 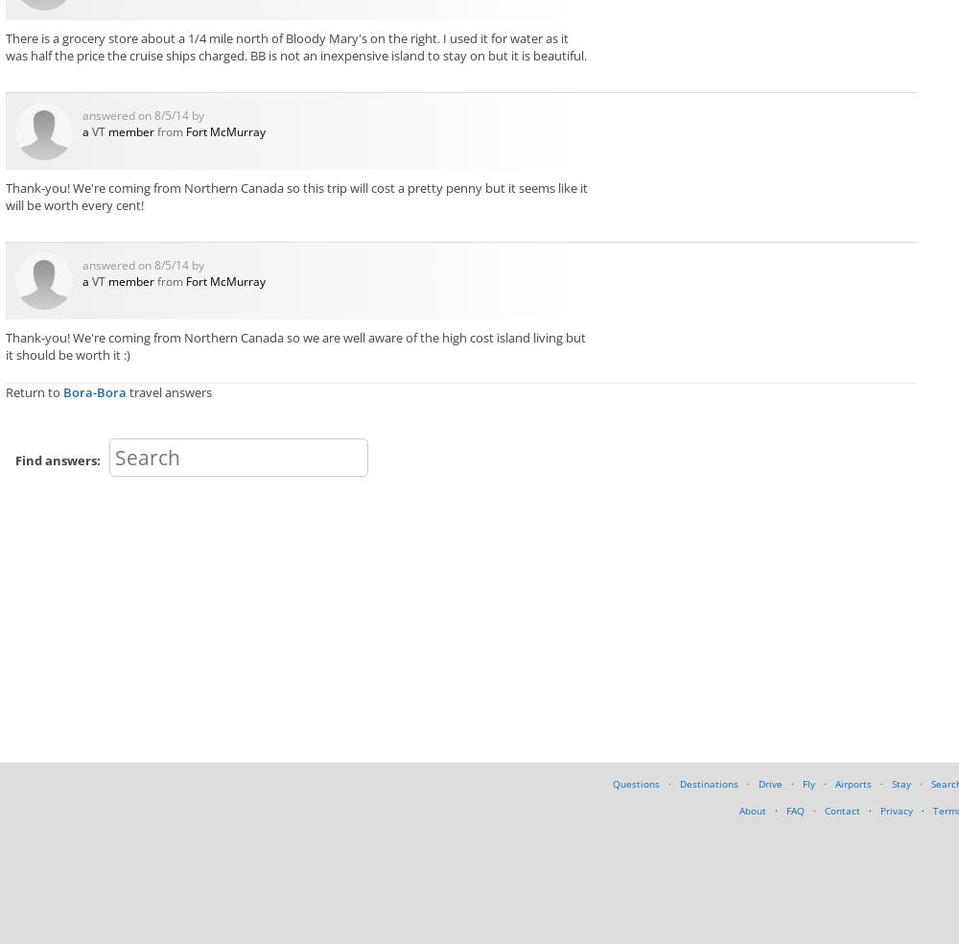 What do you see at coordinates (807, 782) in the screenshot?
I see `'Fly'` at bounding box center [807, 782].